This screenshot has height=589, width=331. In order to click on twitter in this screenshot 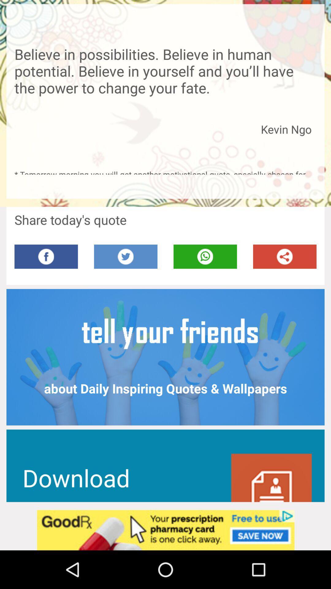, I will do `click(125, 256)`.